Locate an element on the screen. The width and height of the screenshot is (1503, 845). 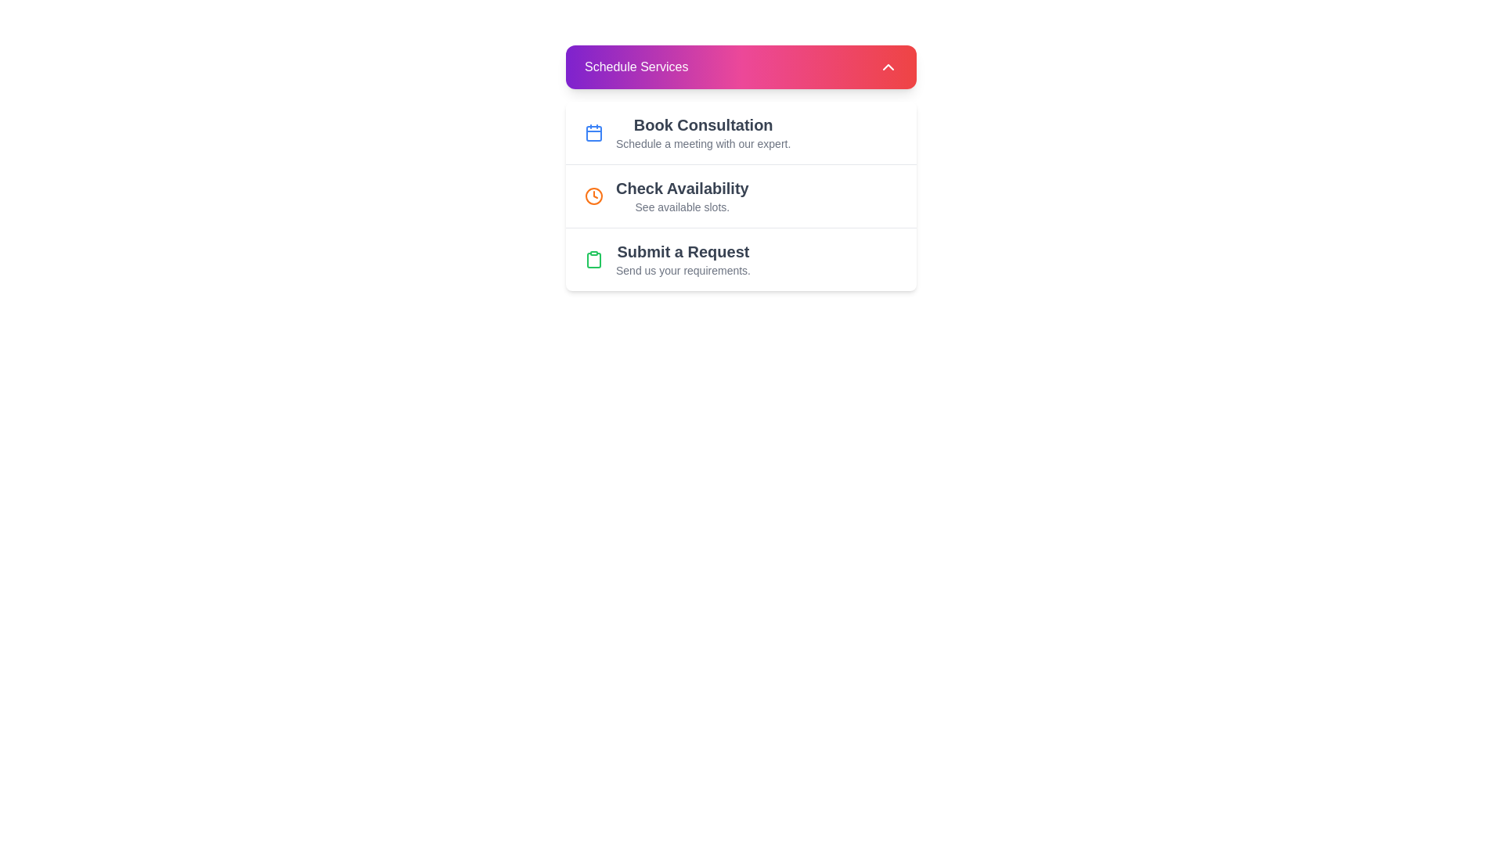
the 'Check Availability' menu item within the 'Schedule Services' section is located at coordinates (740, 168).